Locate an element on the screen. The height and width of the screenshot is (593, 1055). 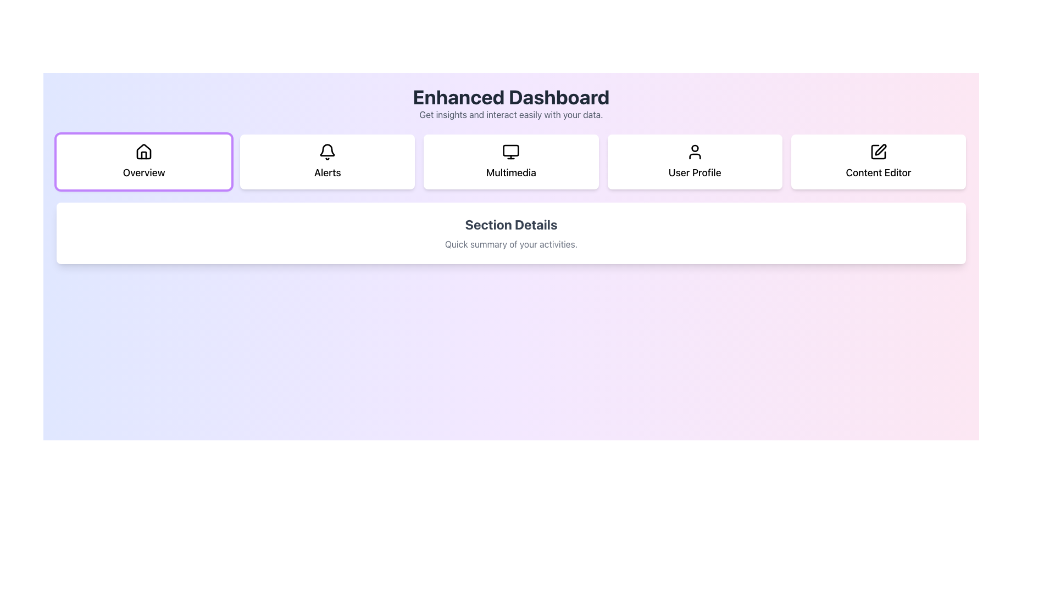
the navigation button located at the far left of the grid layout is located at coordinates (143, 161).